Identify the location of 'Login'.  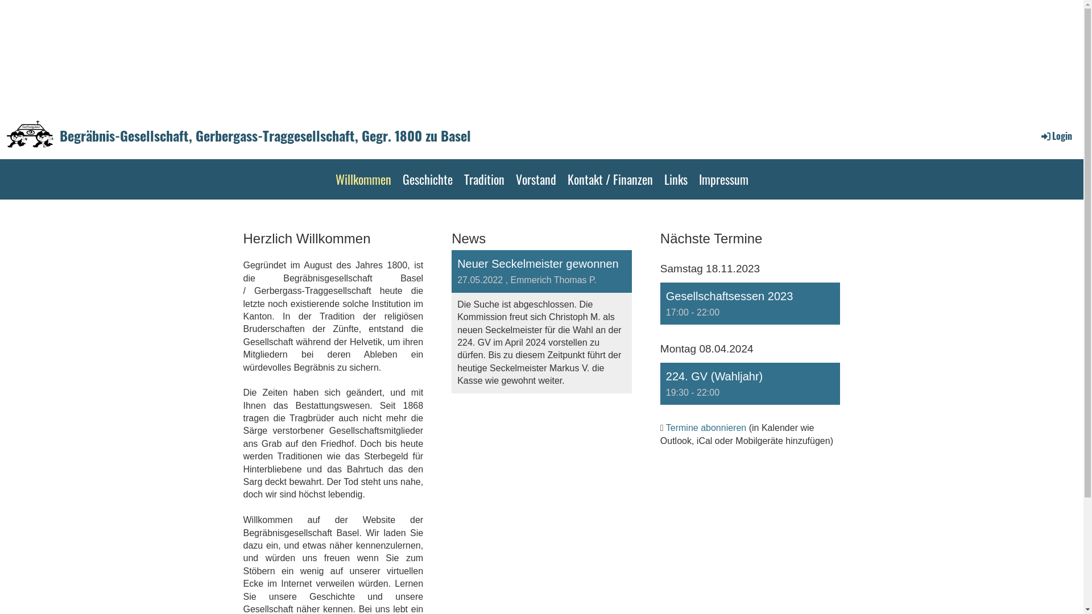
(1055, 135).